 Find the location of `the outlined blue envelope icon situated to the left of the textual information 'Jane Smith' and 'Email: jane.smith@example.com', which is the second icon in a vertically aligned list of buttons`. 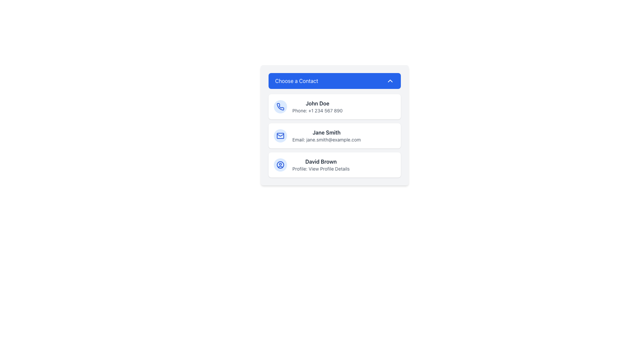

the outlined blue envelope icon situated to the left of the textual information 'Jane Smith' and 'Email: jane.smith@example.com', which is the second icon in a vertically aligned list of buttons is located at coordinates (280, 136).